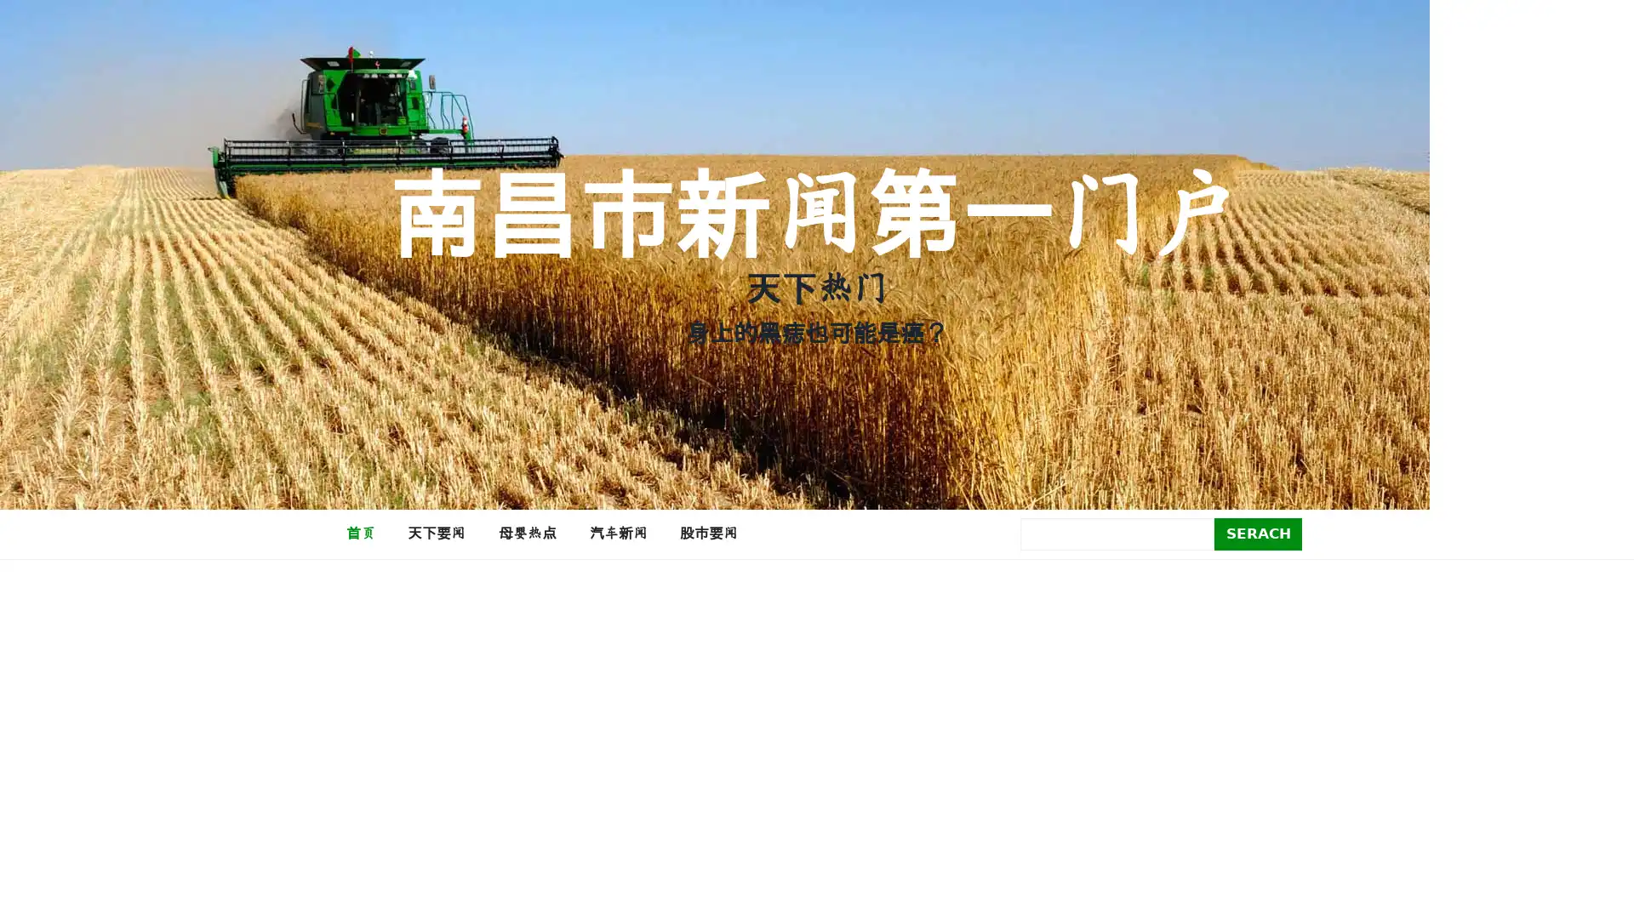 This screenshot has height=919, width=1634. What do you see at coordinates (1258, 533) in the screenshot?
I see `serach` at bounding box center [1258, 533].